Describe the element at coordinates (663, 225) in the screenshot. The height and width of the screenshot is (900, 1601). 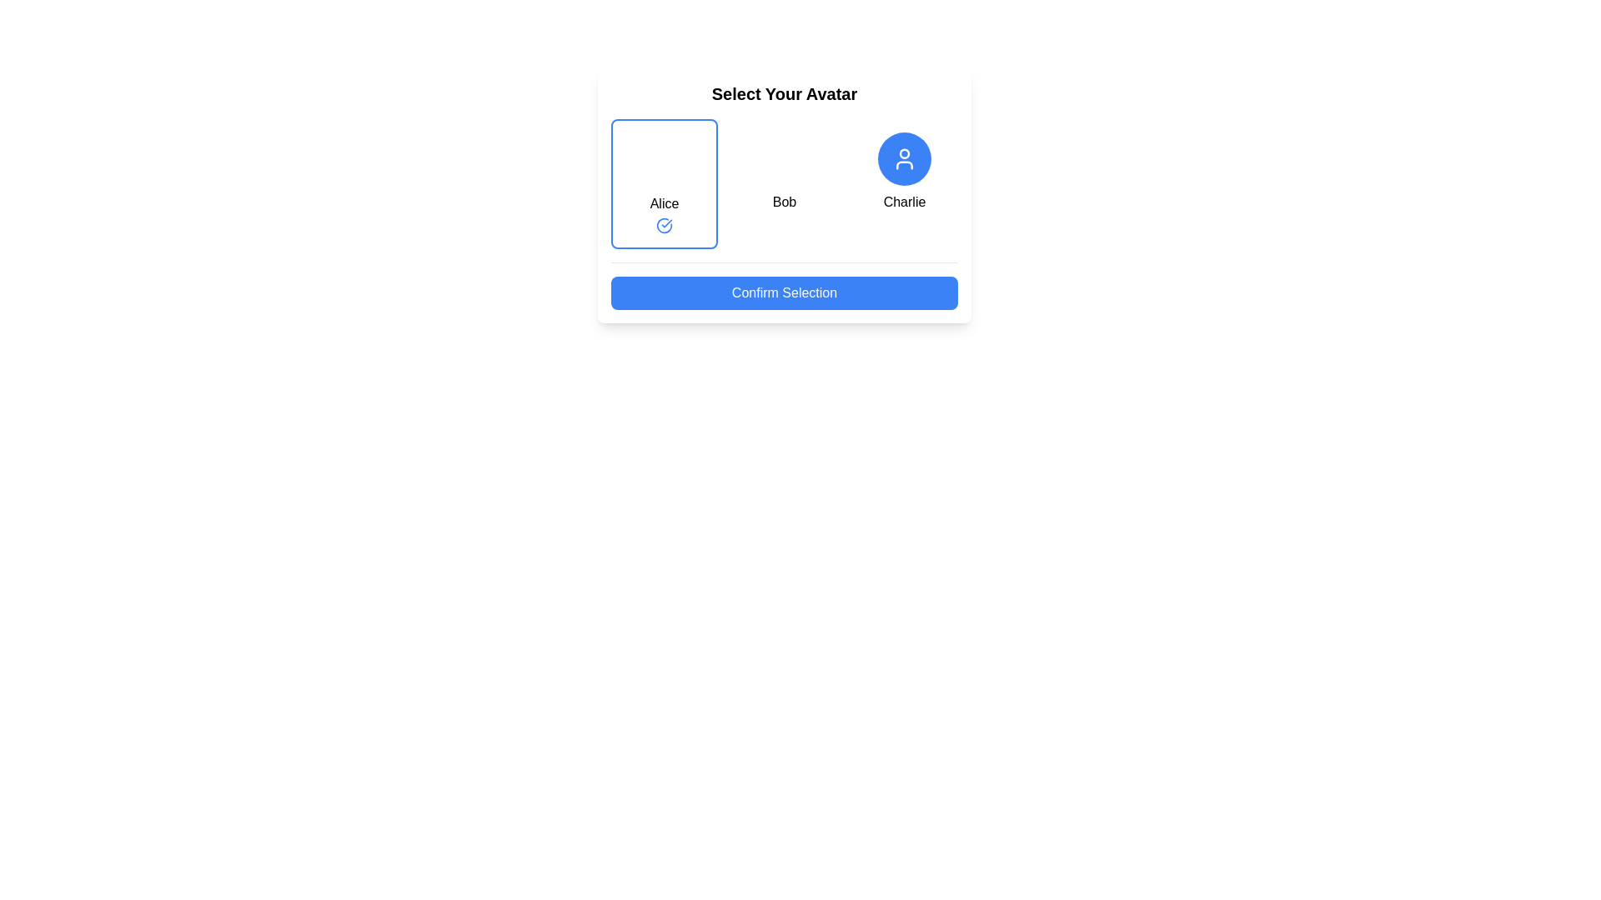
I see `blue circular checkmark icon associated with selection or confirmation located inside the avatar box labeled 'Alice', near the center-bottom portion` at that location.